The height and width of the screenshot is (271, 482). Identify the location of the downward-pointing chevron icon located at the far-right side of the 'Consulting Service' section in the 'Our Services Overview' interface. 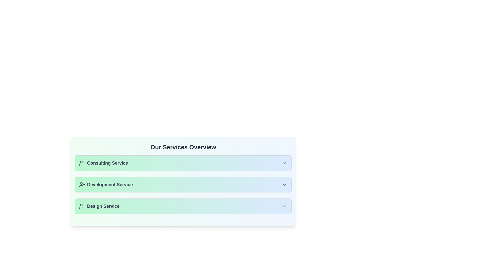
(284, 163).